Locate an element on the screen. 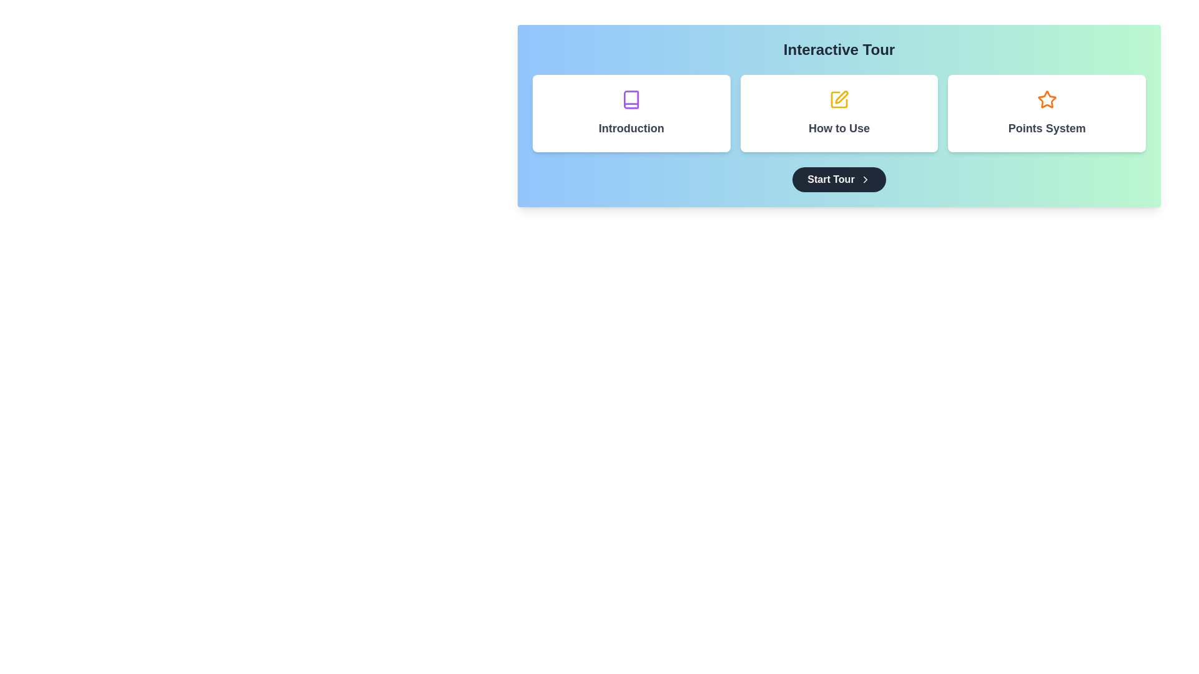 This screenshot has width=1199, height=674. the text label indicating the purpose of the 'Points System' located in the third card from the left, below the gold star icon is located at coordinates (1047, 128).